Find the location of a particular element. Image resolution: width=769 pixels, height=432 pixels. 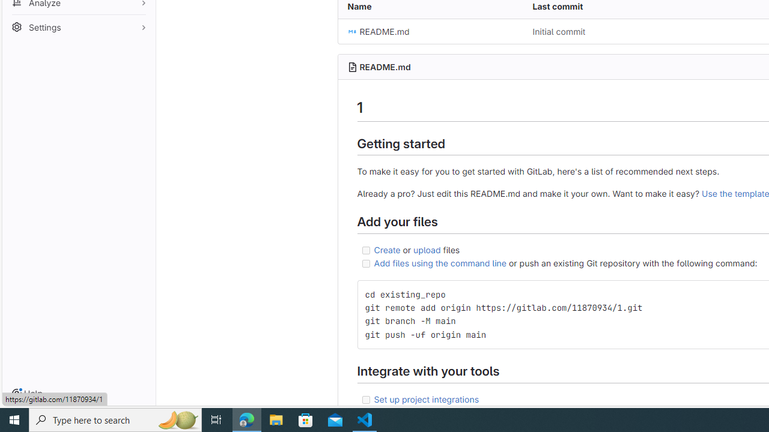

'upload' is located at coordinates (427, 248).